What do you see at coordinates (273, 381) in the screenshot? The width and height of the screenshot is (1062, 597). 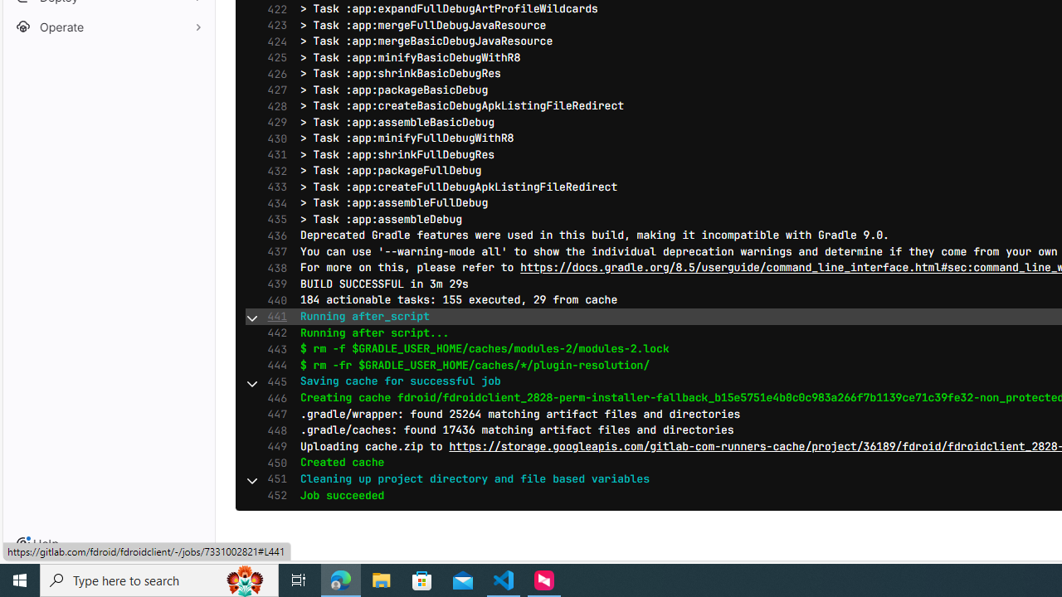 I see `'445'` at bounding box center [273, 381].